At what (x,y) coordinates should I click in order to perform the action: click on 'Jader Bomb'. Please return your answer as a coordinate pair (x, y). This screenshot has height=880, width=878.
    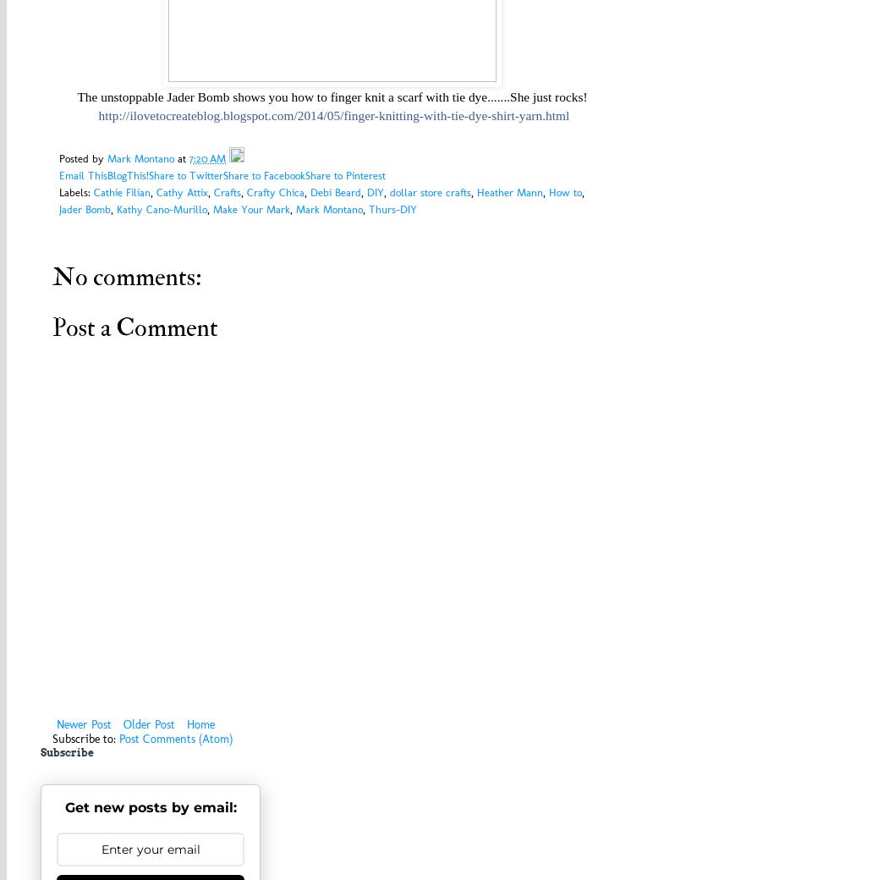
    Looking at the image, I should click on (84, 209).